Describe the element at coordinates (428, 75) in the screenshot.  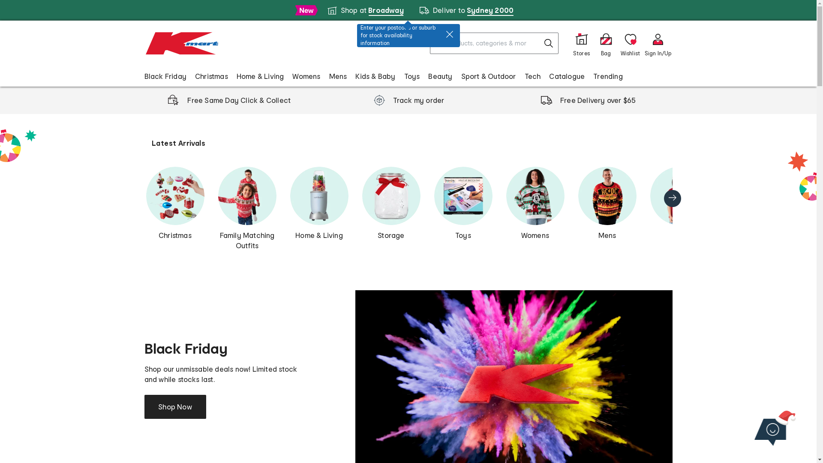
I see `'Beauty'` at that location.